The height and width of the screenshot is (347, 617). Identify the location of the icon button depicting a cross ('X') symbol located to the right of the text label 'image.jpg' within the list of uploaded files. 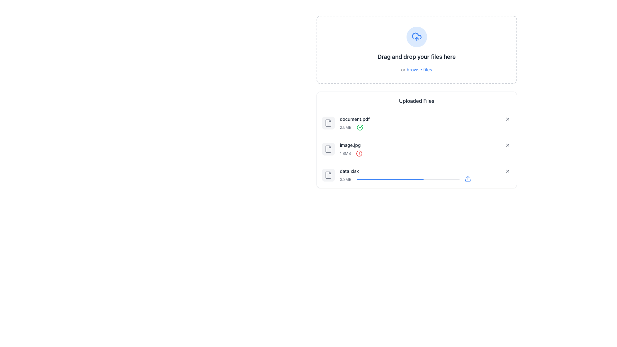
(507, 145).